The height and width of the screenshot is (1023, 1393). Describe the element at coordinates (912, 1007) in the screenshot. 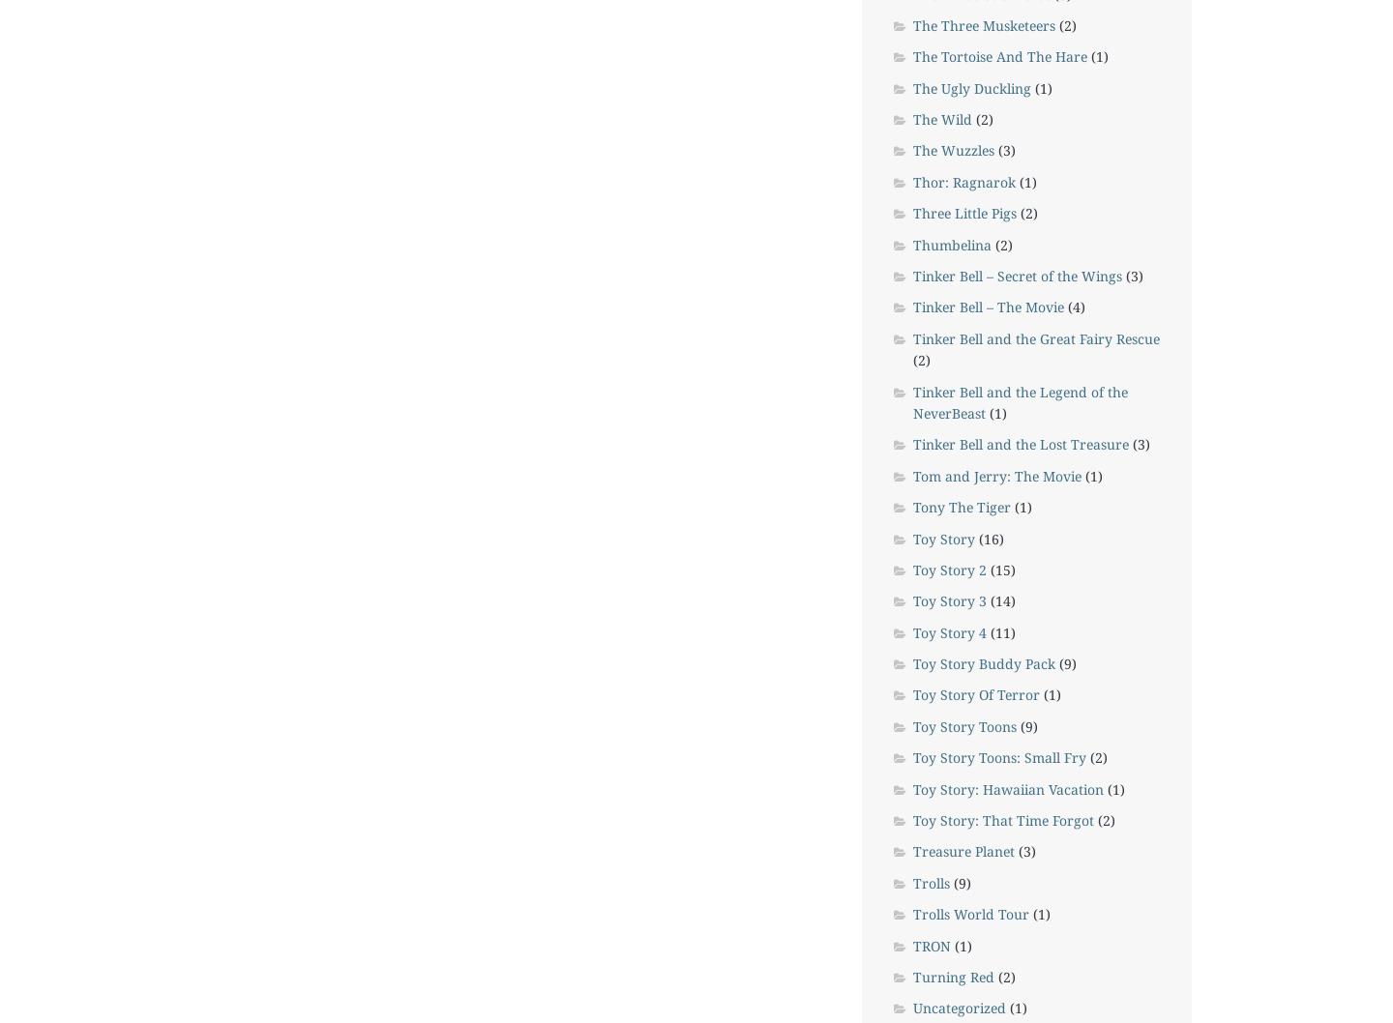

I see `'Uncategorized'` at that location.